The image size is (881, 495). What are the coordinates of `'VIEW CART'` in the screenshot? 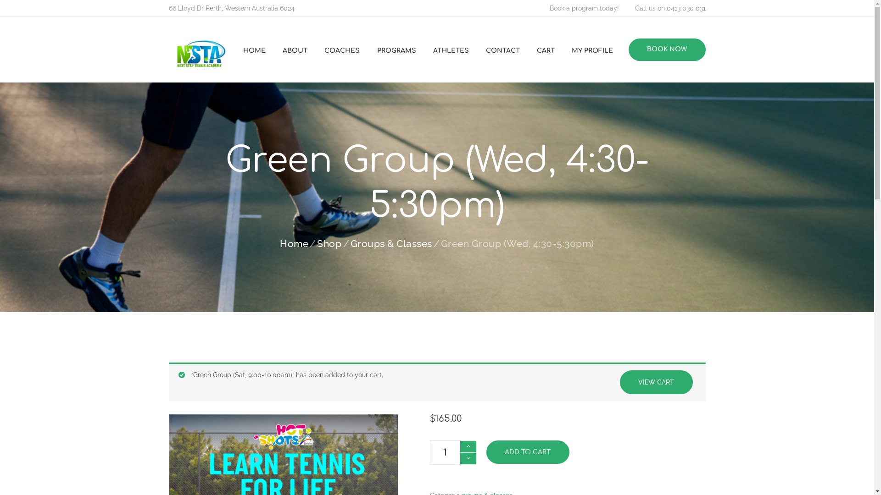 It's located at (655, 382).